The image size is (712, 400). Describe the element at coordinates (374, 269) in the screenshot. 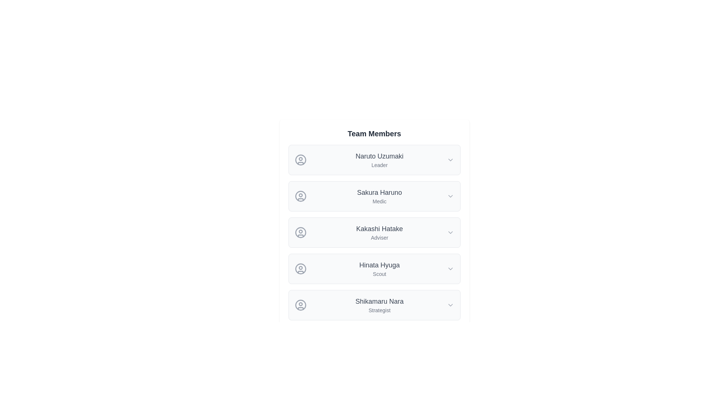

I see `the selectable entry for team member 'Hinata Hyuga' in the team member list` at that location.